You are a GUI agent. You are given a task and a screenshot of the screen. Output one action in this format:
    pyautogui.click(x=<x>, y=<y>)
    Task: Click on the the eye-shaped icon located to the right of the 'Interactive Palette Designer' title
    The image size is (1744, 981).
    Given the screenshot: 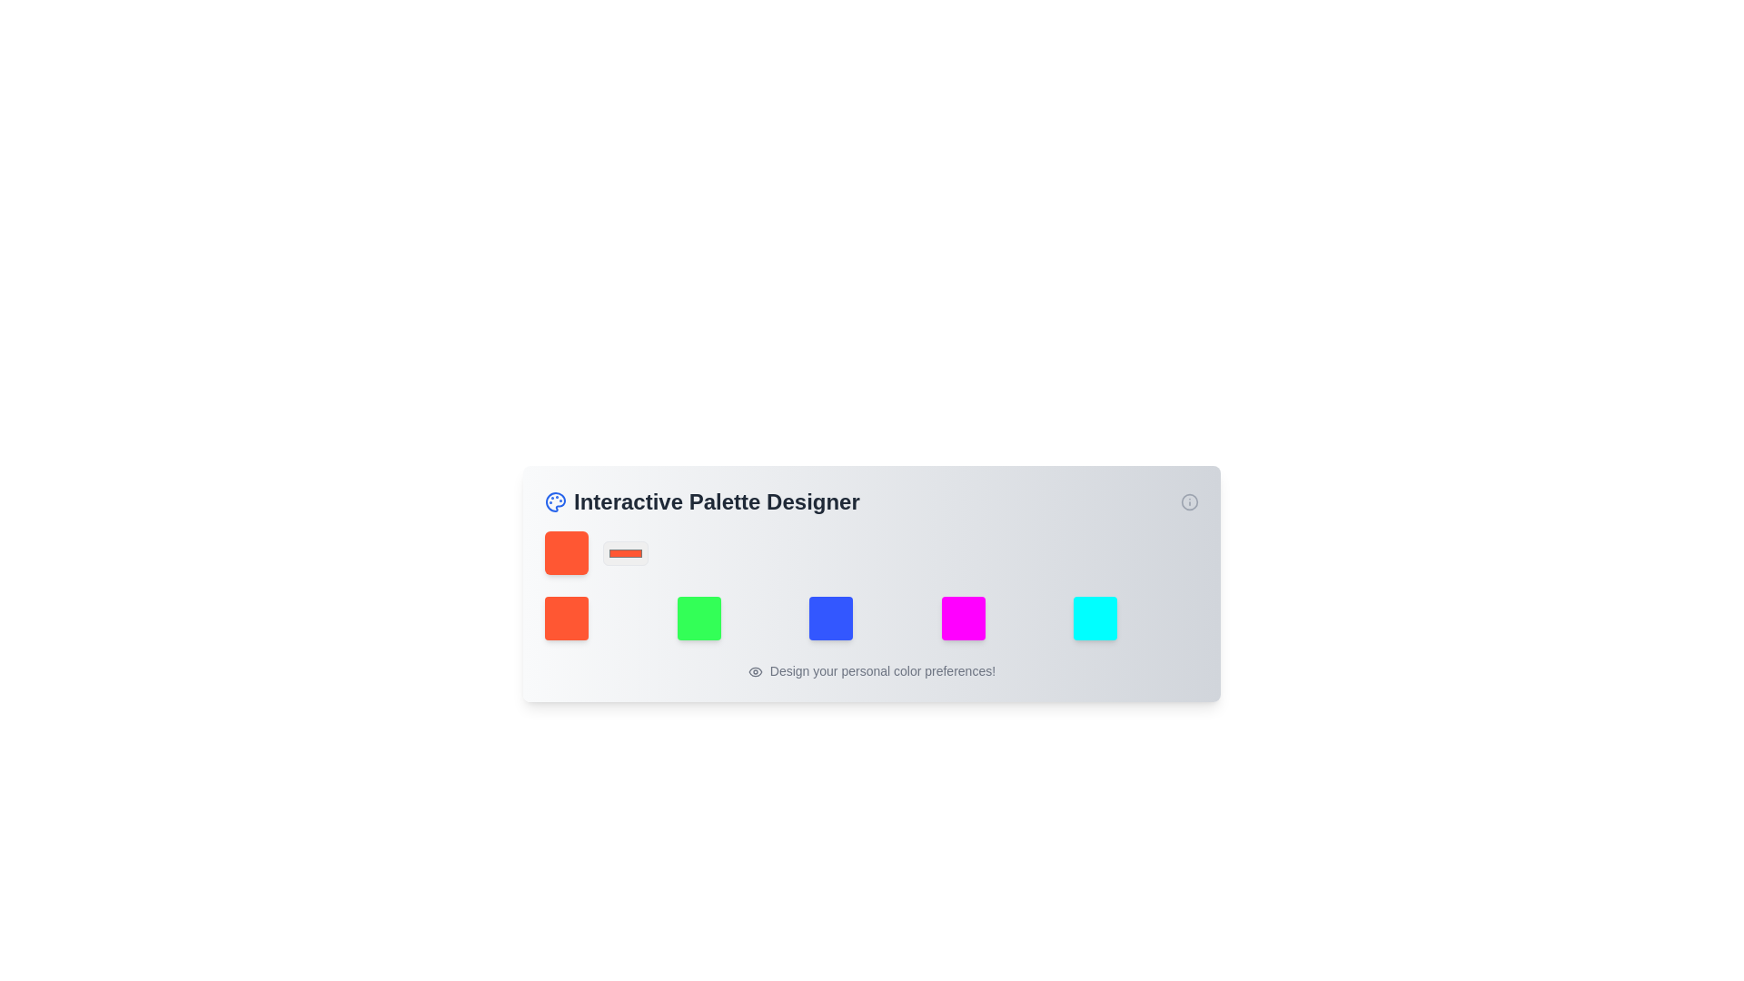 What is the action you would take?
    pyautogui.click(x=755, y=672)
    